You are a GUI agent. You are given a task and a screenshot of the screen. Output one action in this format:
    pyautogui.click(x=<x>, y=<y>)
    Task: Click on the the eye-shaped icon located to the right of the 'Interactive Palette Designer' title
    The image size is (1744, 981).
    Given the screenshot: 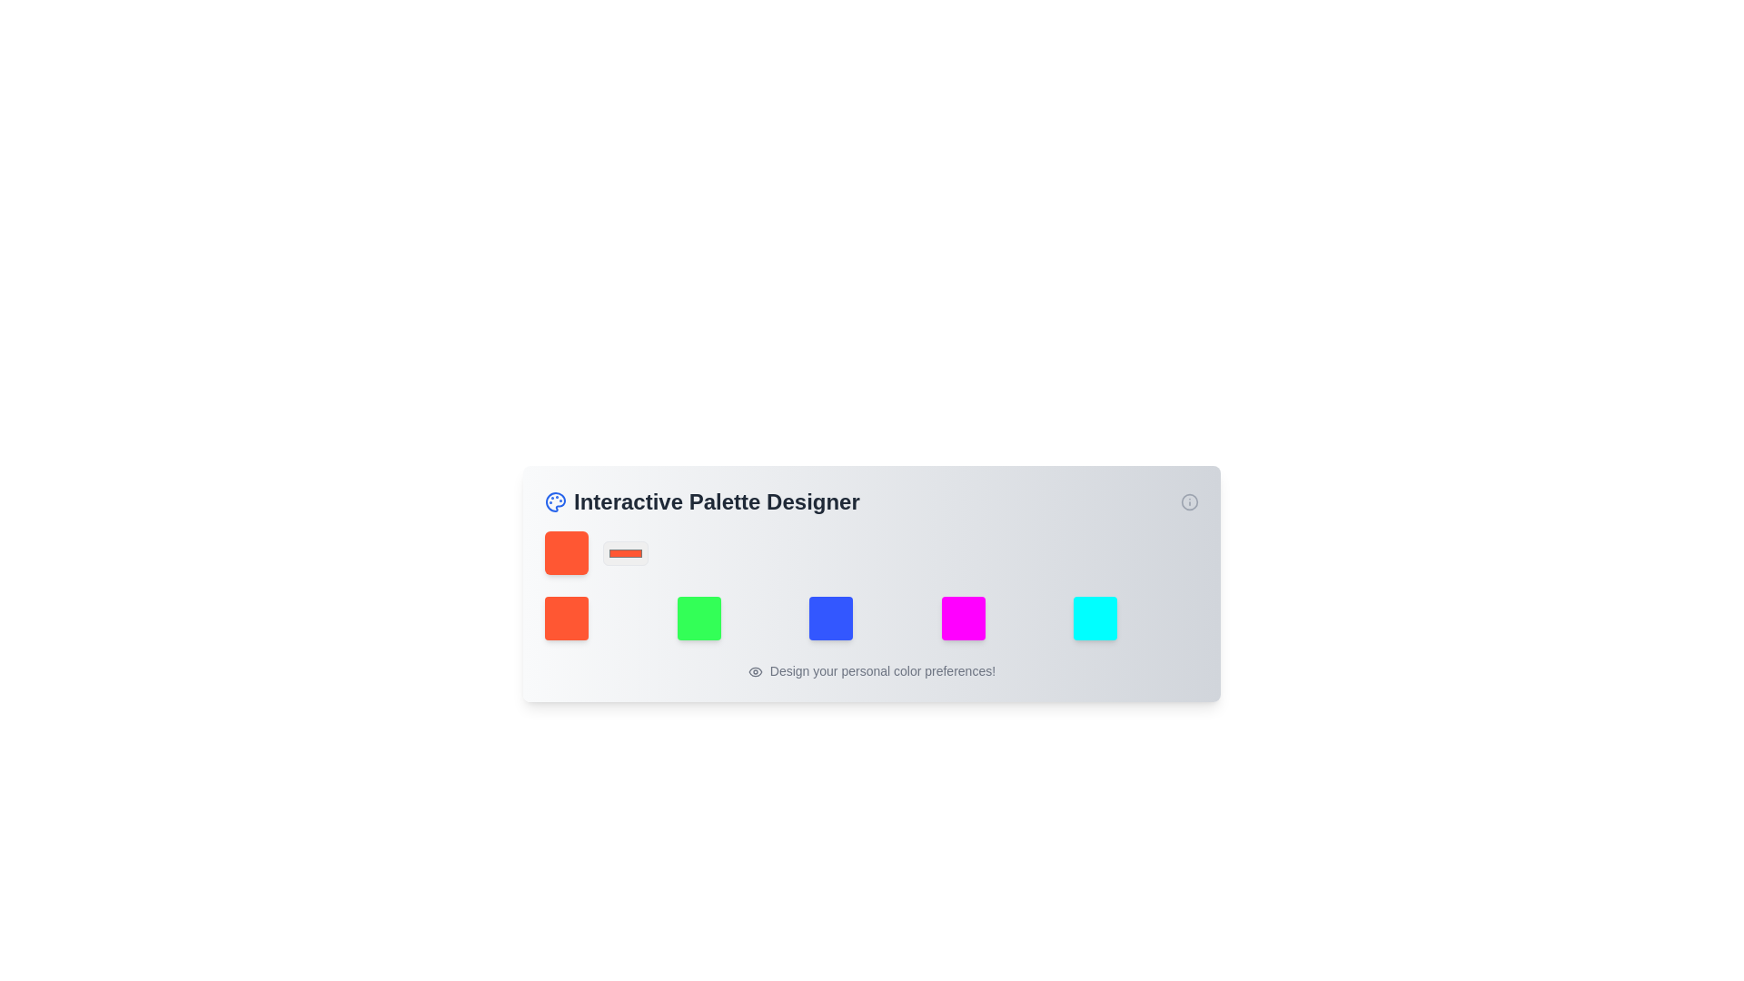 What is the action you would take?
    pyautogui.click(x=755, y=672)
    